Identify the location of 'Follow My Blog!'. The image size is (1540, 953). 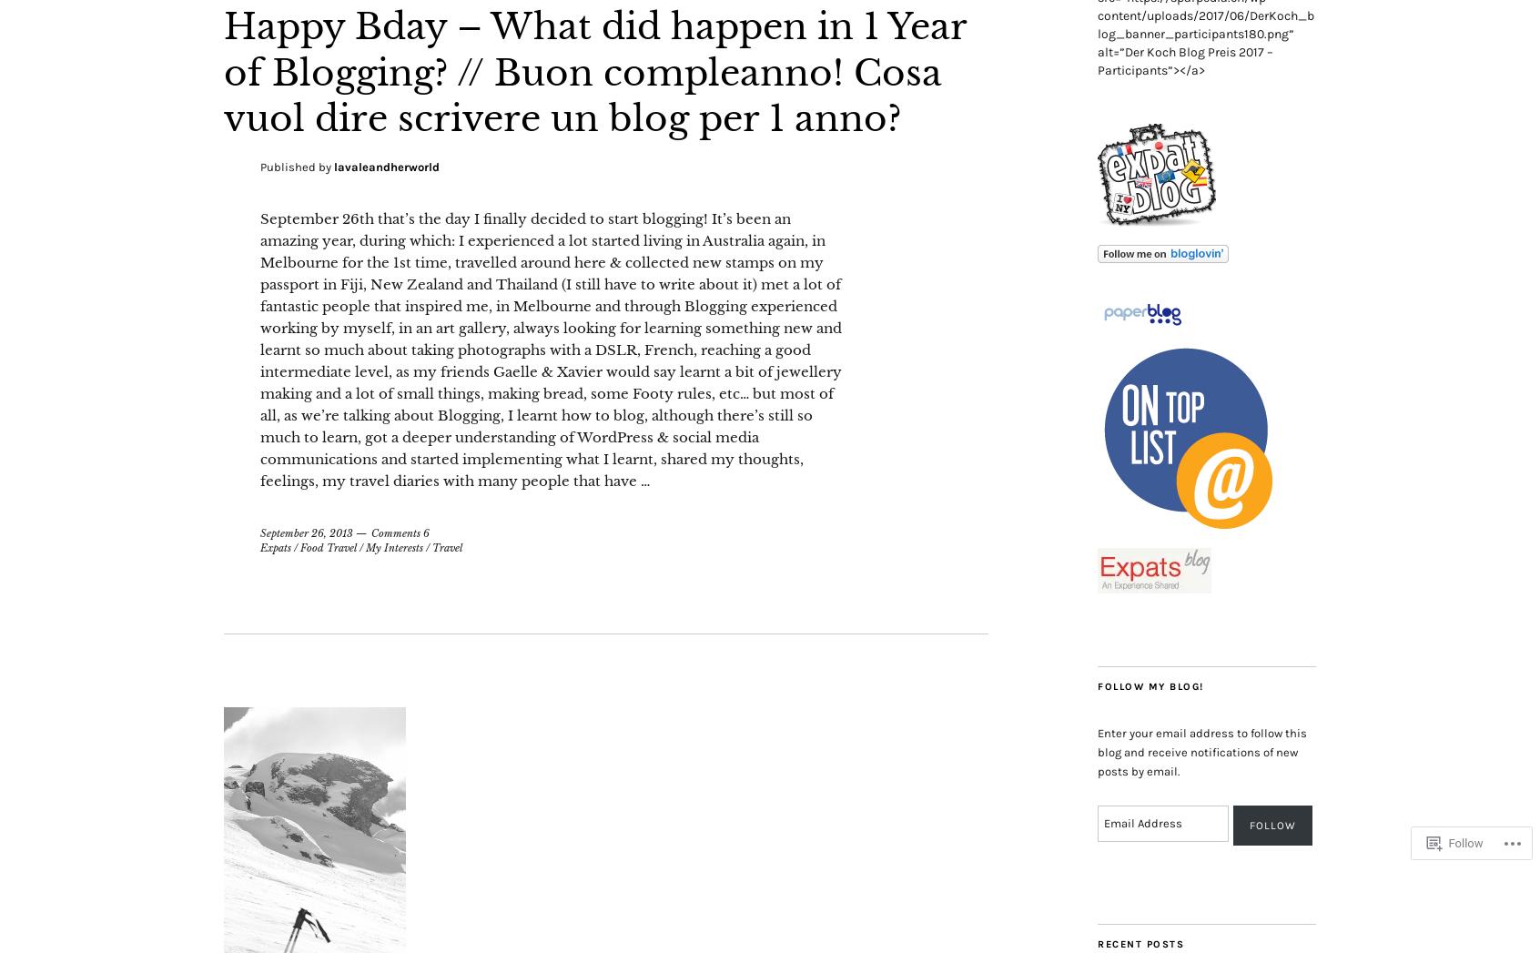
(1150, 686).